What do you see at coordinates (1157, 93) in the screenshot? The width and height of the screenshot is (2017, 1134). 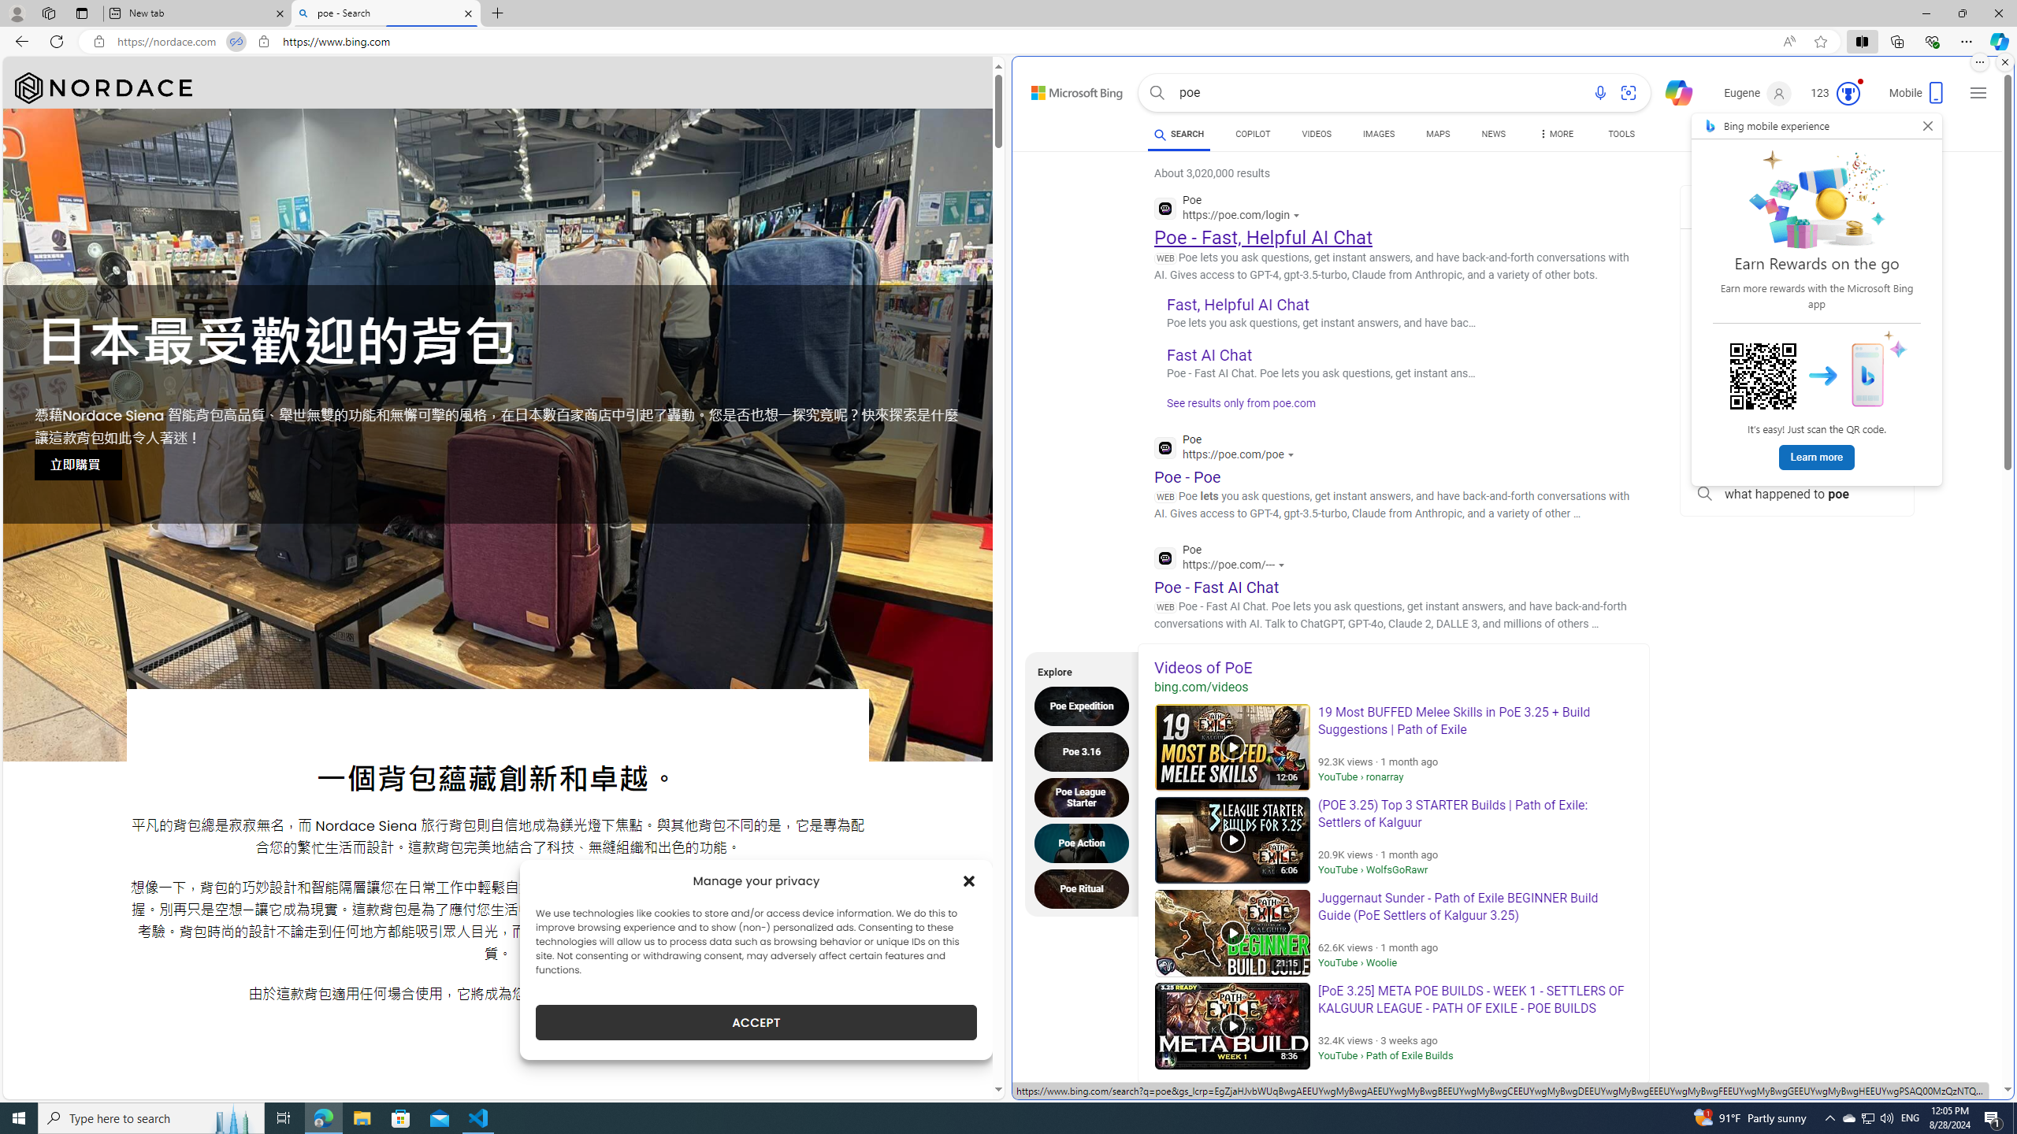 I see `'Search button'` at bounding box center [1157, 93].